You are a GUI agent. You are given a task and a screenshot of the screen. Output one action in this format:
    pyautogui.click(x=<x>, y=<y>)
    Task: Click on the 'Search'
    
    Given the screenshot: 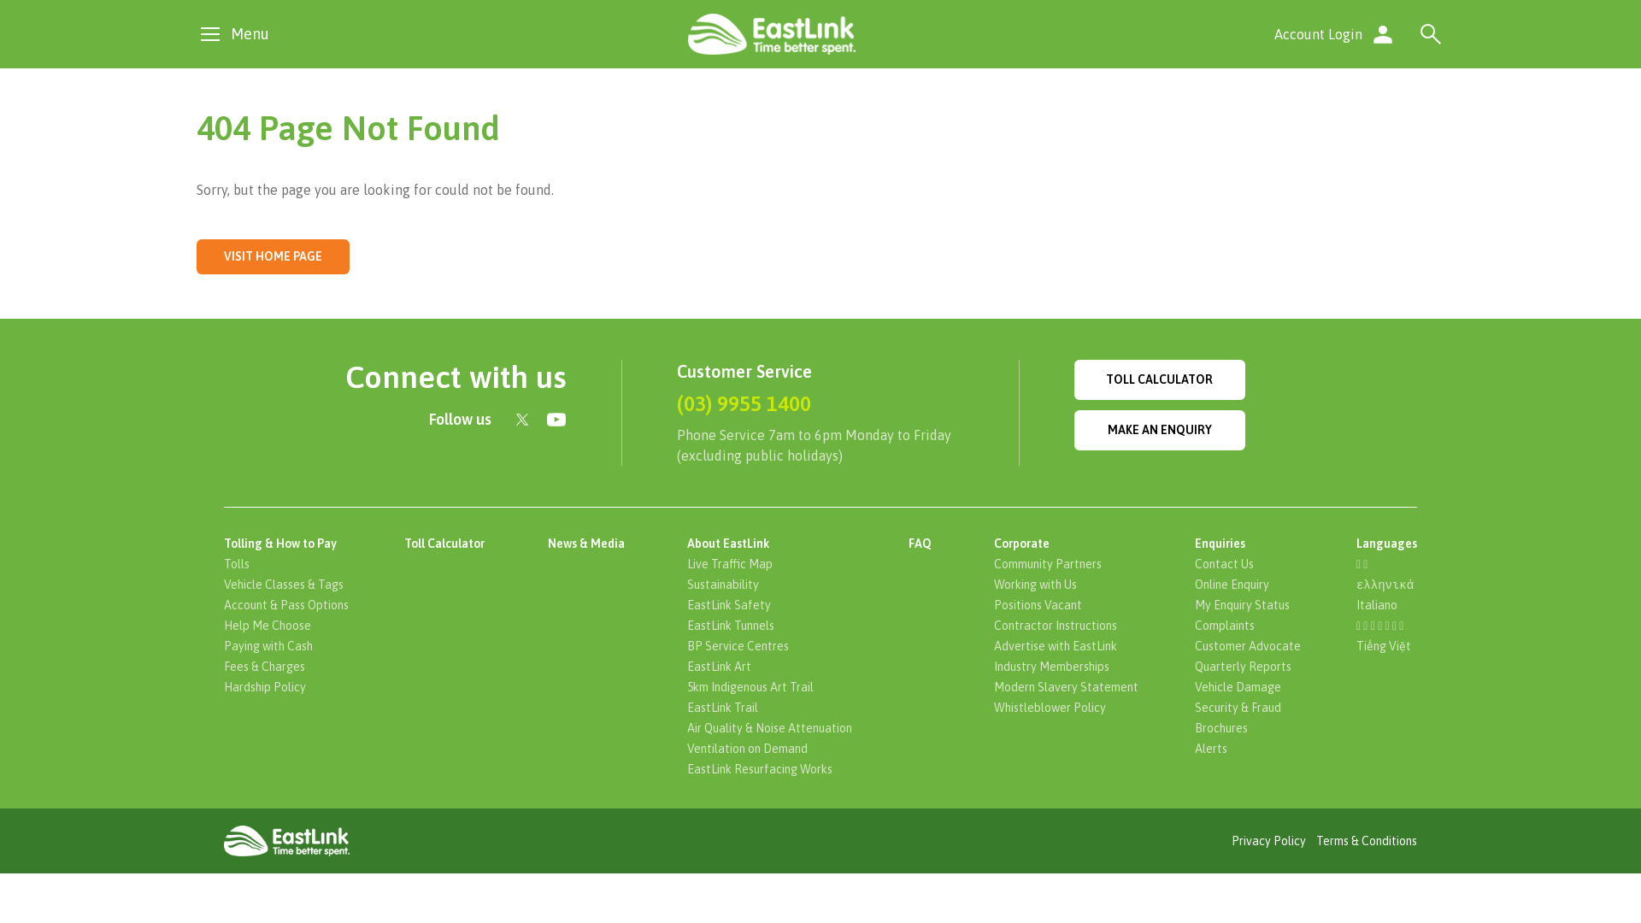 What is the action you would take?
    pyautogui.click(x=1431, y=33)
    